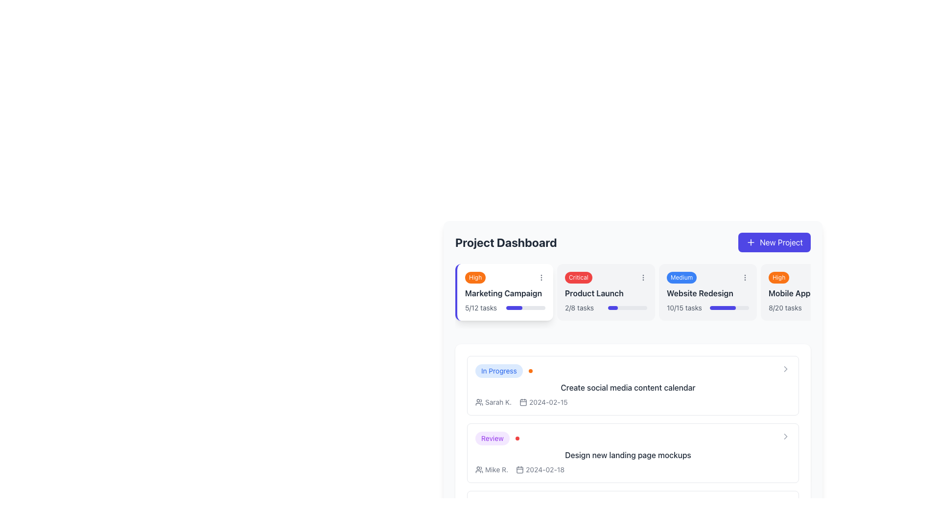  What do you see at coordinates (492, 438) in the screenshot?
I see `the 'Review' badge located in the 'Design new landing page mockups' section of the project dashboard` at bounding box center [492, 438].